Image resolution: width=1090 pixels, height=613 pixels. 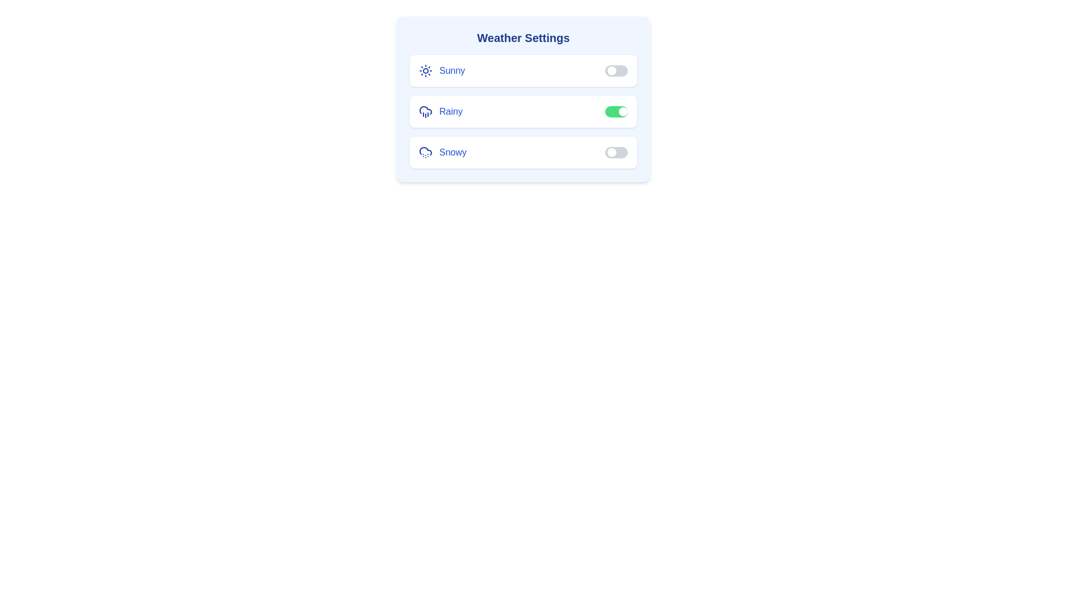 I want to click on the rainy weather icon in the 'Weather Settings' list, which is located in the second row next to the text 'Rainy', so click(x=425, y=111).